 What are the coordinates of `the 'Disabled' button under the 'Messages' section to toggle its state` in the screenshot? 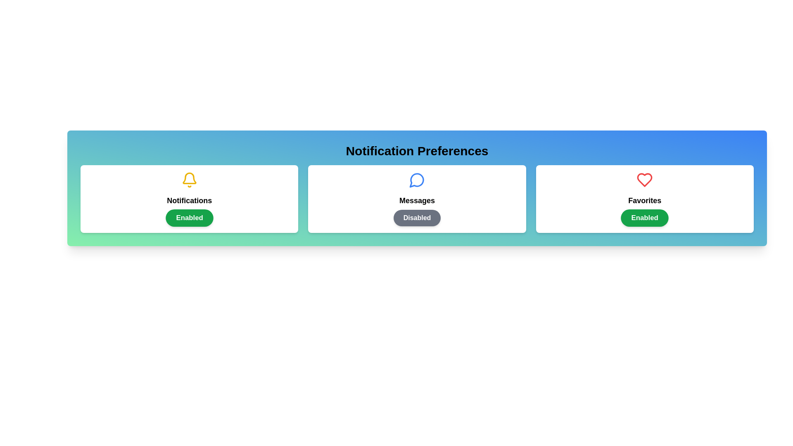 It's located at (417, 218).